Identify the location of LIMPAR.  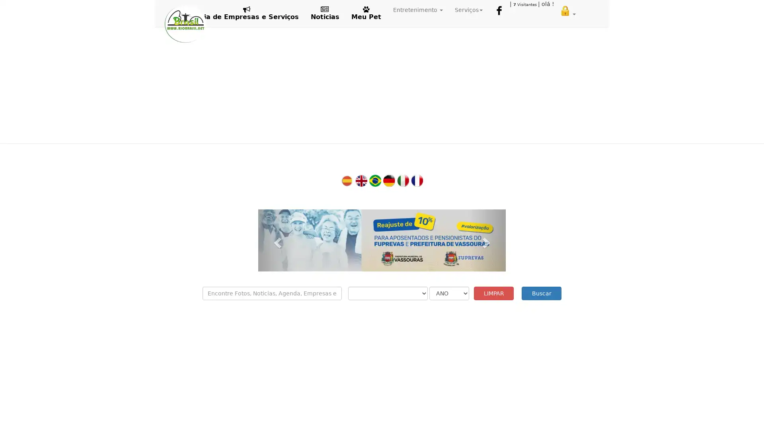
(493, 293).